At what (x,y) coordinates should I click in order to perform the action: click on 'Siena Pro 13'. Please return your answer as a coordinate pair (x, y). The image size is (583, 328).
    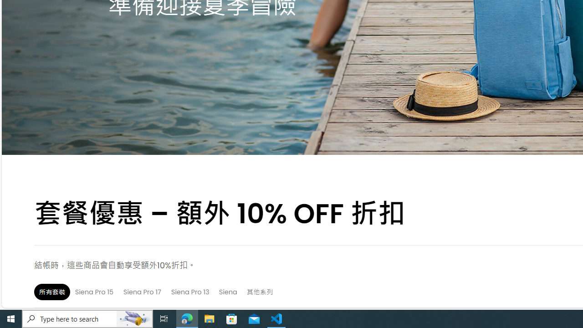
    Looking at the image, I should click on (189, 292).